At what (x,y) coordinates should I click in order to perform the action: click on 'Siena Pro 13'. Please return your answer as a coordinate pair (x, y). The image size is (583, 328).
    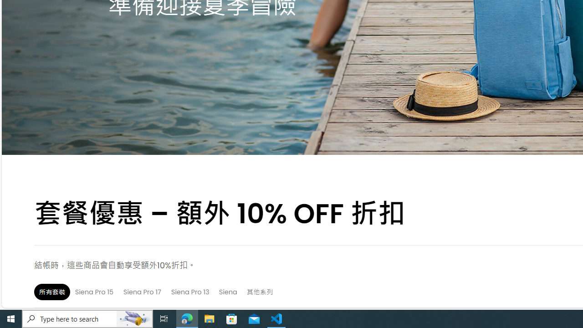
    Looking at the image, I should click on (189, 292).